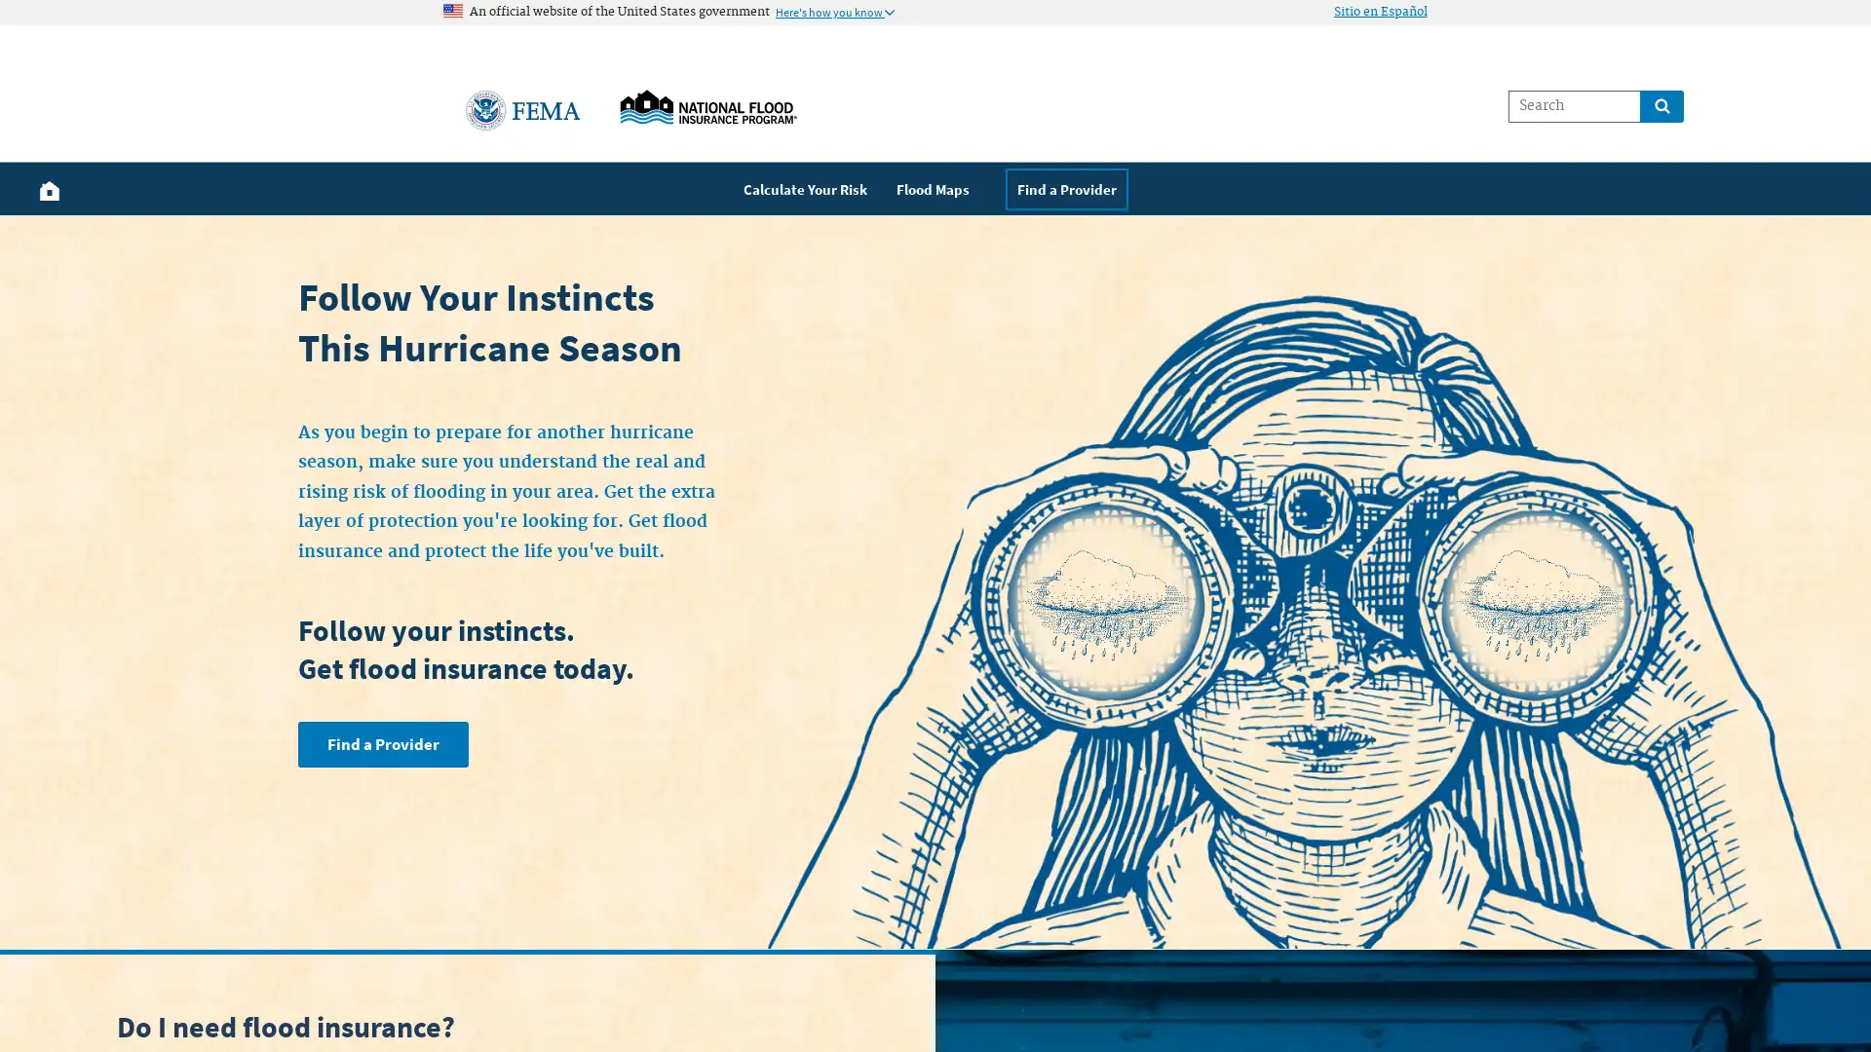  What do you see at coordinates (835, 11) in the screenshot?
I see `Information to identify secure official US Government websites` at bounding box center [835, 11].